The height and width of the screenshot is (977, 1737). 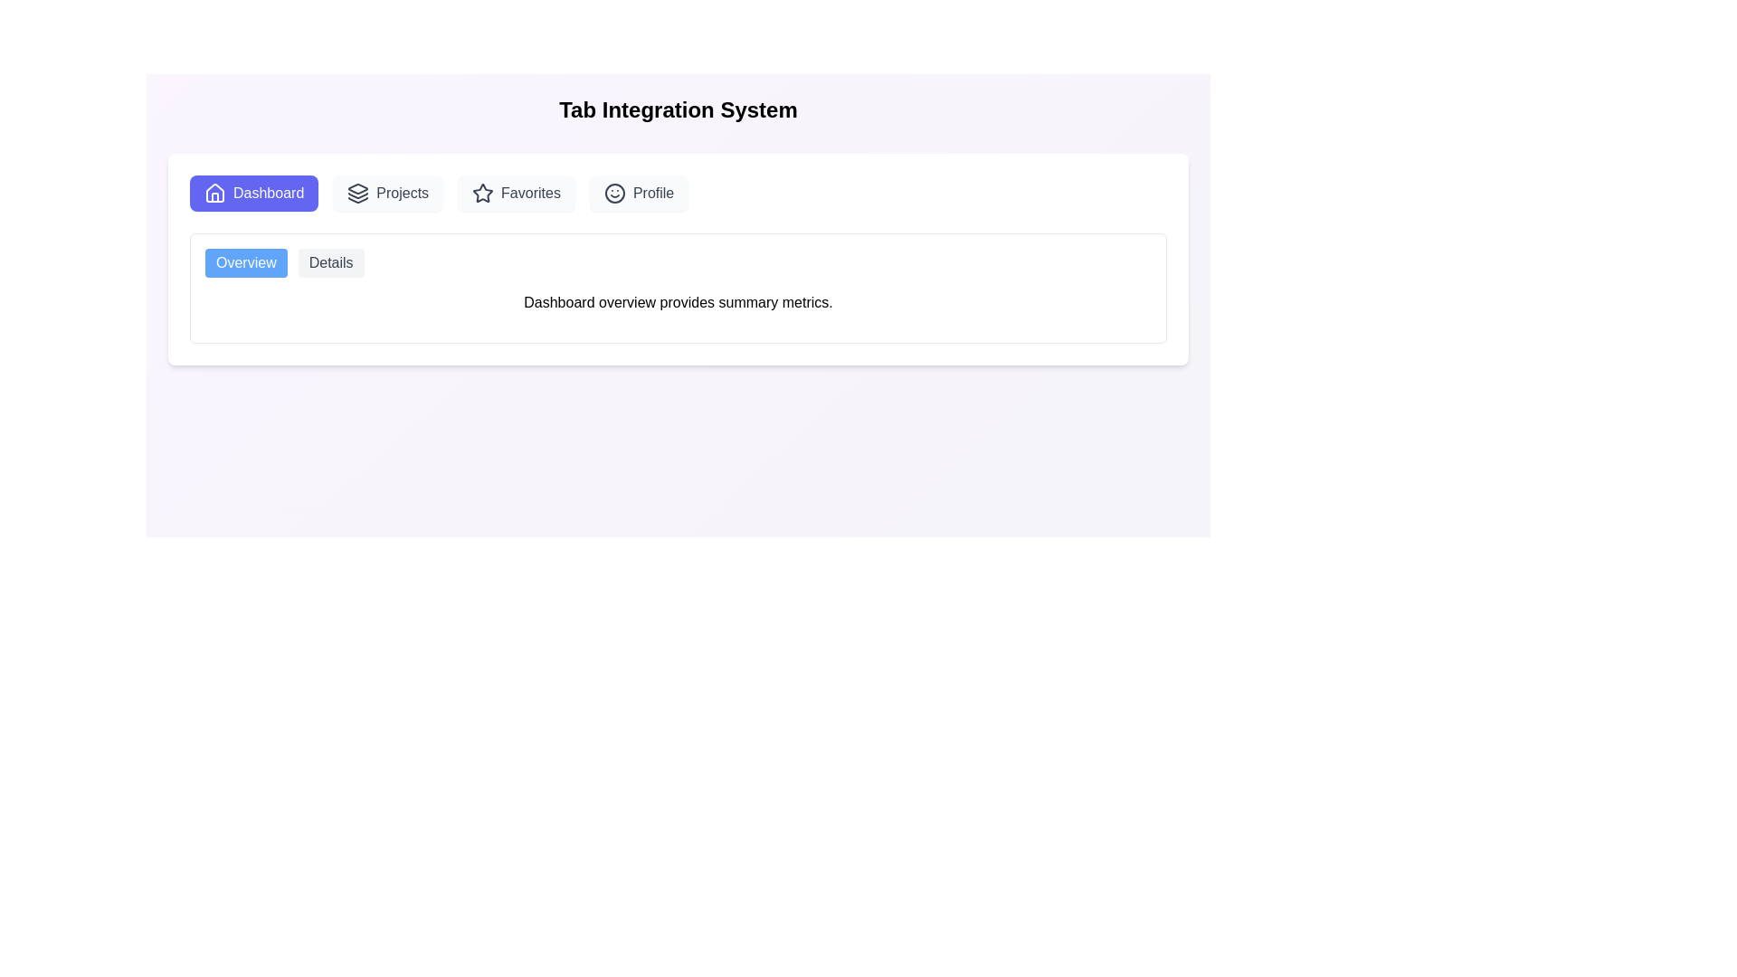 I want to click on the 'Home' or 'Dashboard' icon located near the left edge of the top navigation bar, so click(x=215, y=192).